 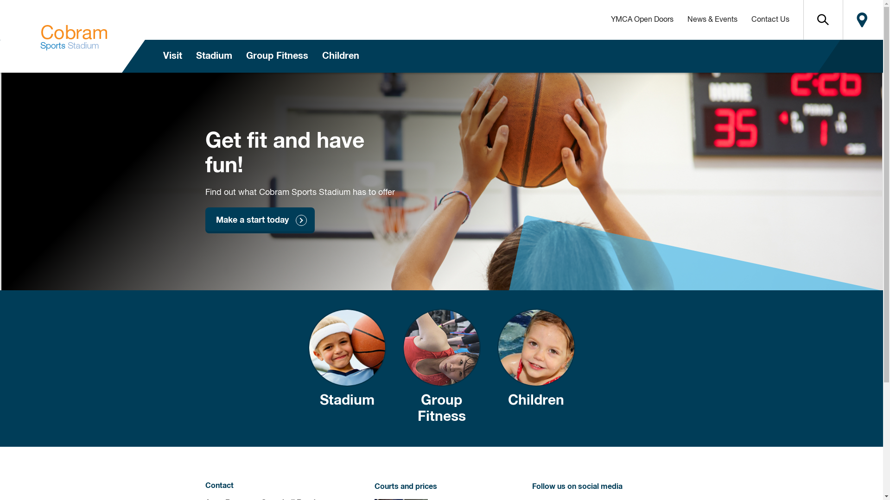 What do you see at coordinates (712, 19) in the screenshot?
I see `'News & Events'` at bounding box center [712, 19].